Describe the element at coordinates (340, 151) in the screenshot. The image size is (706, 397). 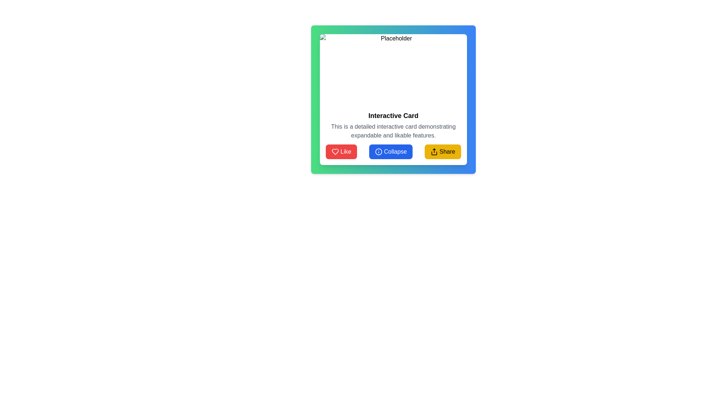
I see `the 'Like' button, which has a red background, white text, and a heart icon, located at the bottom of an interactive card, to register a like` at that location.